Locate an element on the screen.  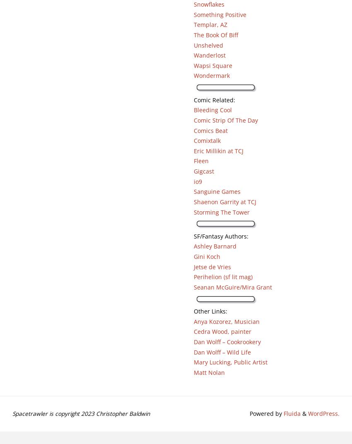
'WordPress.' is located at coordinates (307, 413).